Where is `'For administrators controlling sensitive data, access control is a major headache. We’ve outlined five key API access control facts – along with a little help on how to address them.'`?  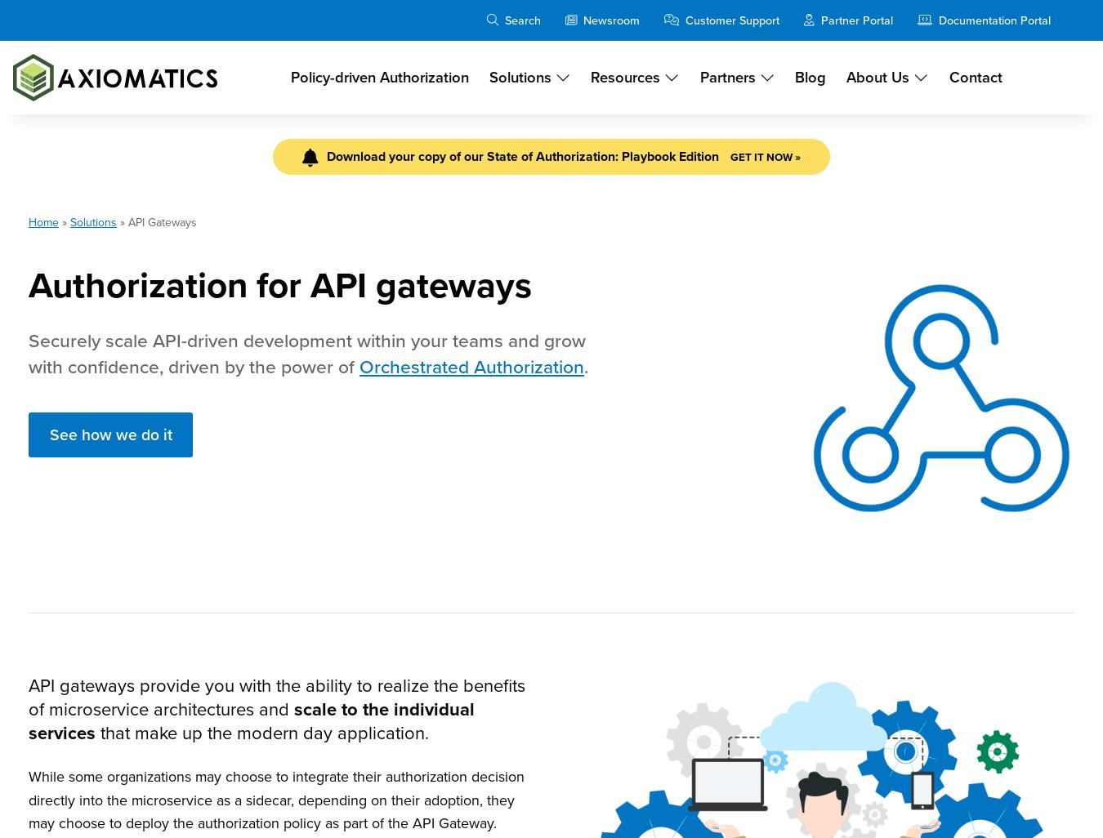 'For administrators controlling sensitive data, access control is a major headache. We’ve outlined five key API access control facts – along with a little help on how to address them.' is located at coordinates (551, 465).